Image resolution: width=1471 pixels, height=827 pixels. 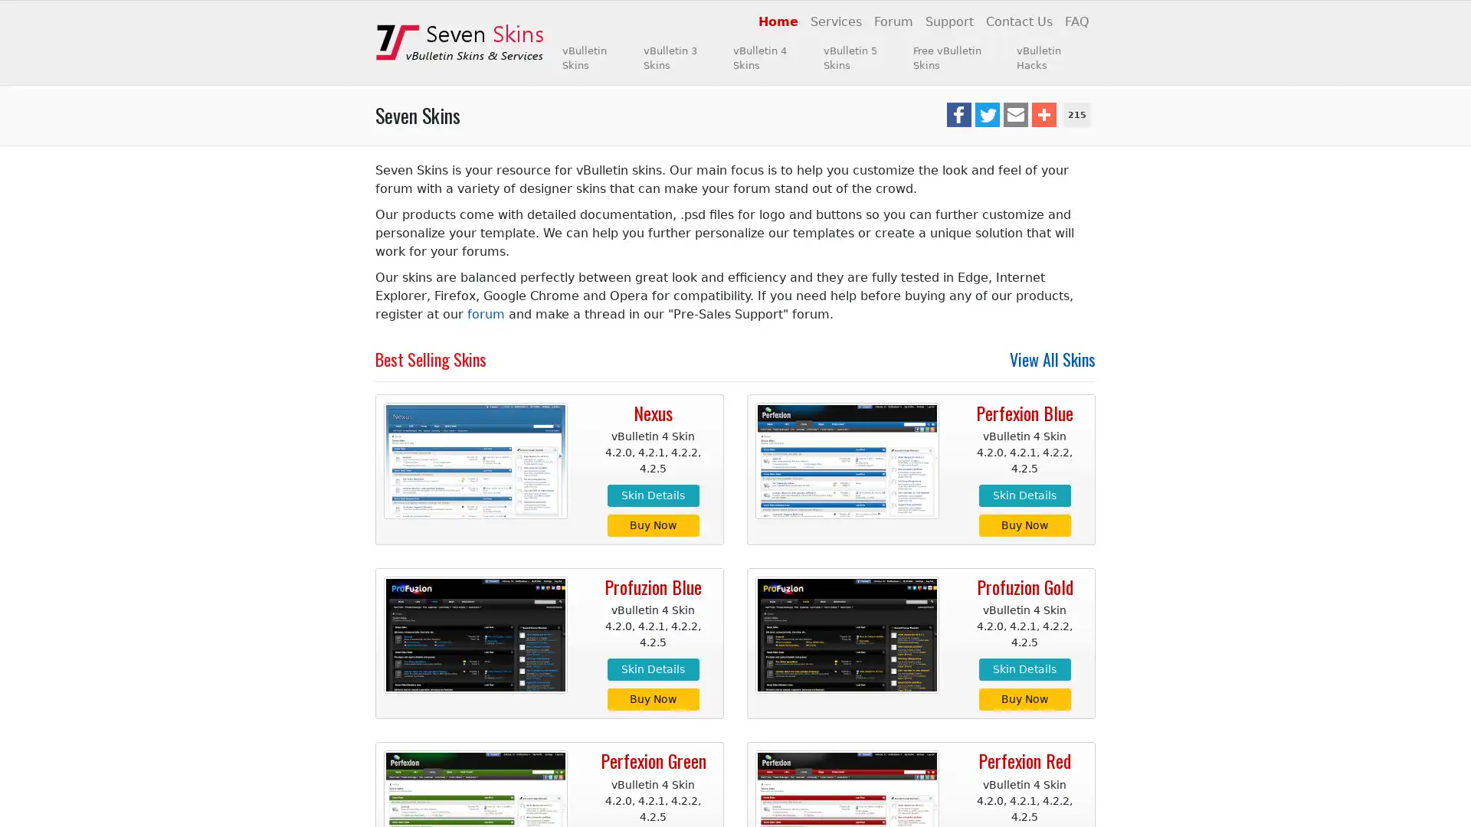 I want to click on Skin Details, so click(x=1024, y=495).